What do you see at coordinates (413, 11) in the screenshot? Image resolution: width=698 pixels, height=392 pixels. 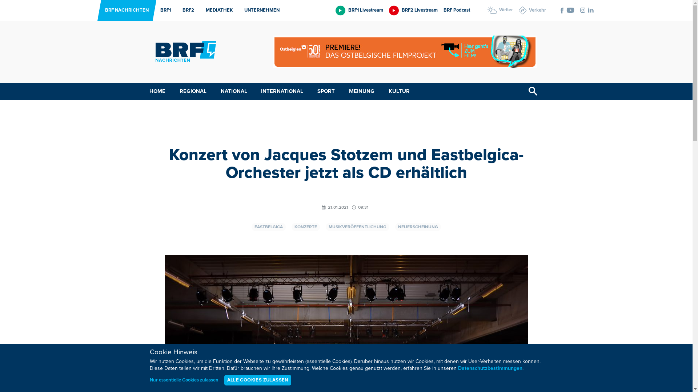 I see `'BRF2 Livestream'` at bounding box center [413, 11].